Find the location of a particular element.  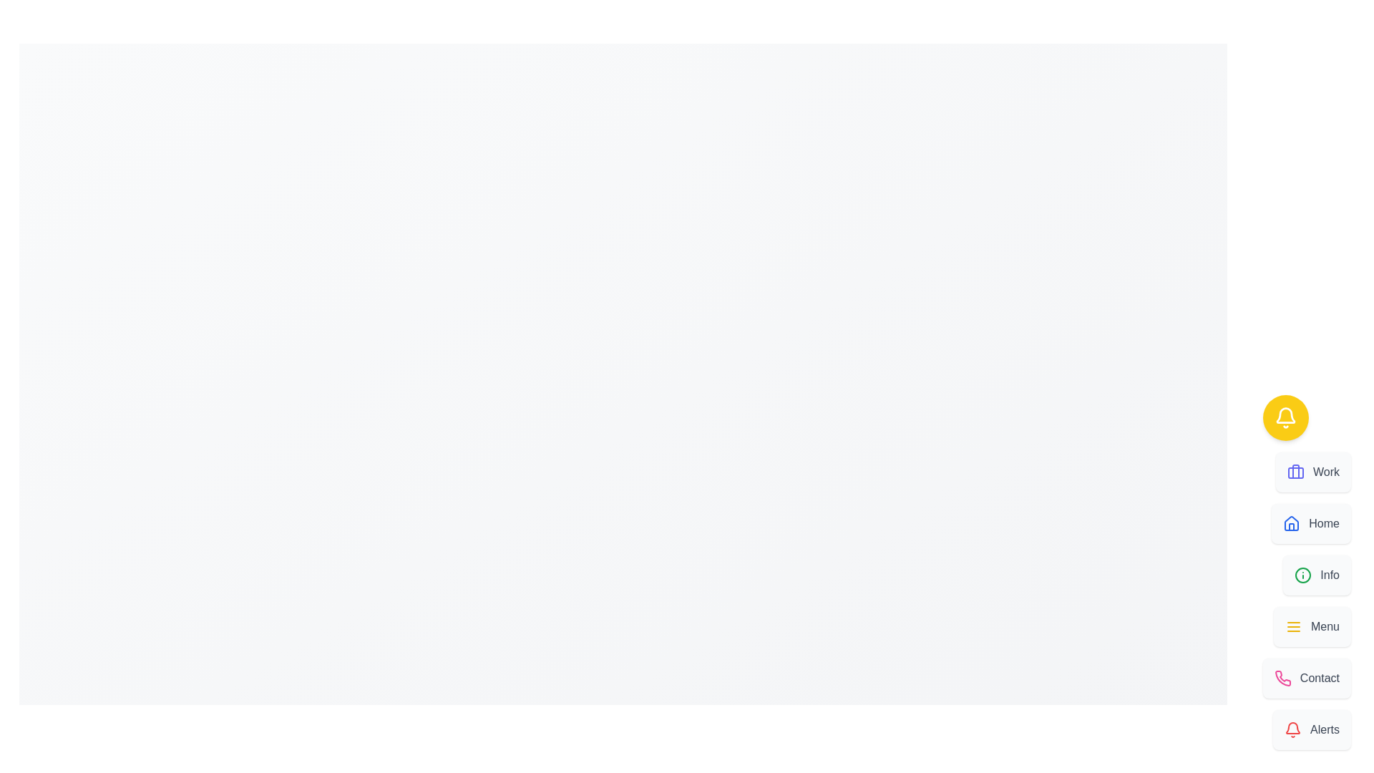

the option Alerts from the Speed Dial menu is located at coordinates (1312, 729).